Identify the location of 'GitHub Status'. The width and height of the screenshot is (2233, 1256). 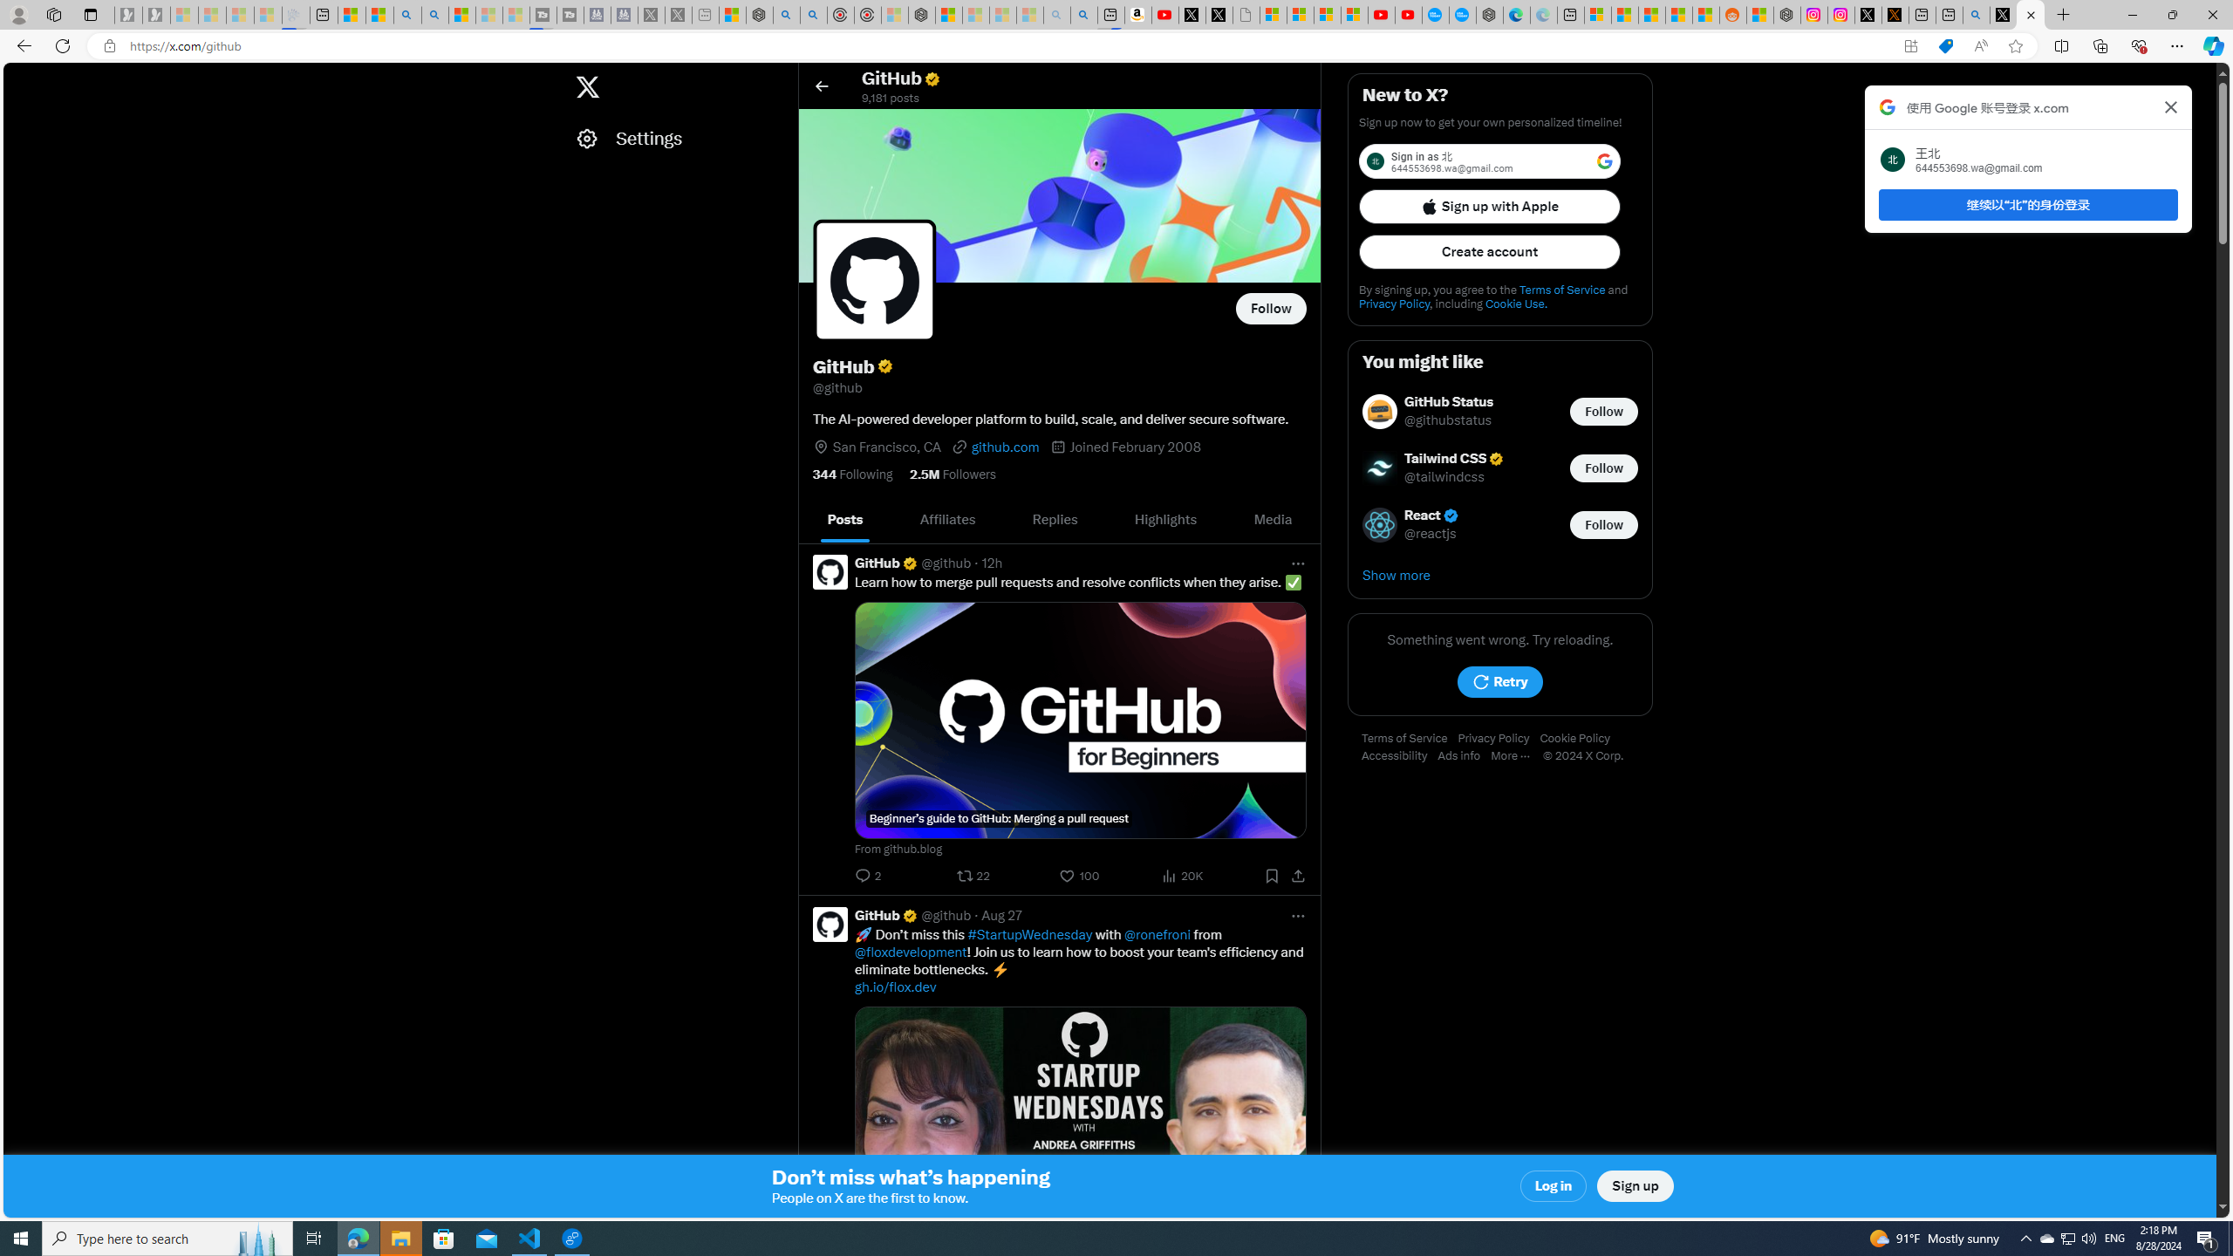
(1448, 401).